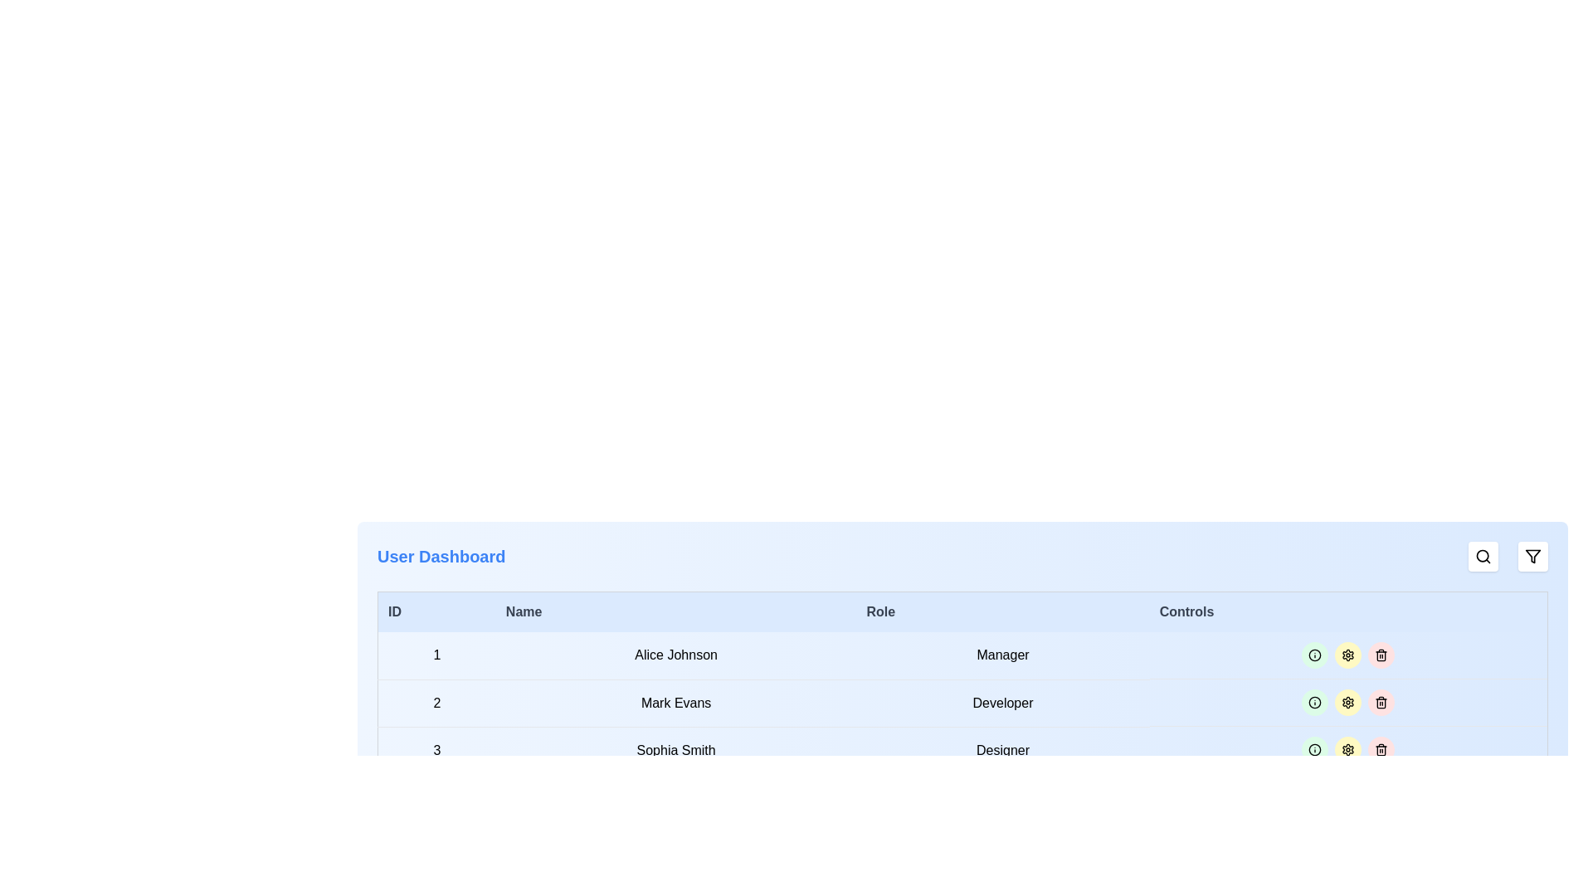  I want to click on the trash can icon button located in the third row under the 'Controls' header for user 'Sophia Smith', so click(1381, 749).